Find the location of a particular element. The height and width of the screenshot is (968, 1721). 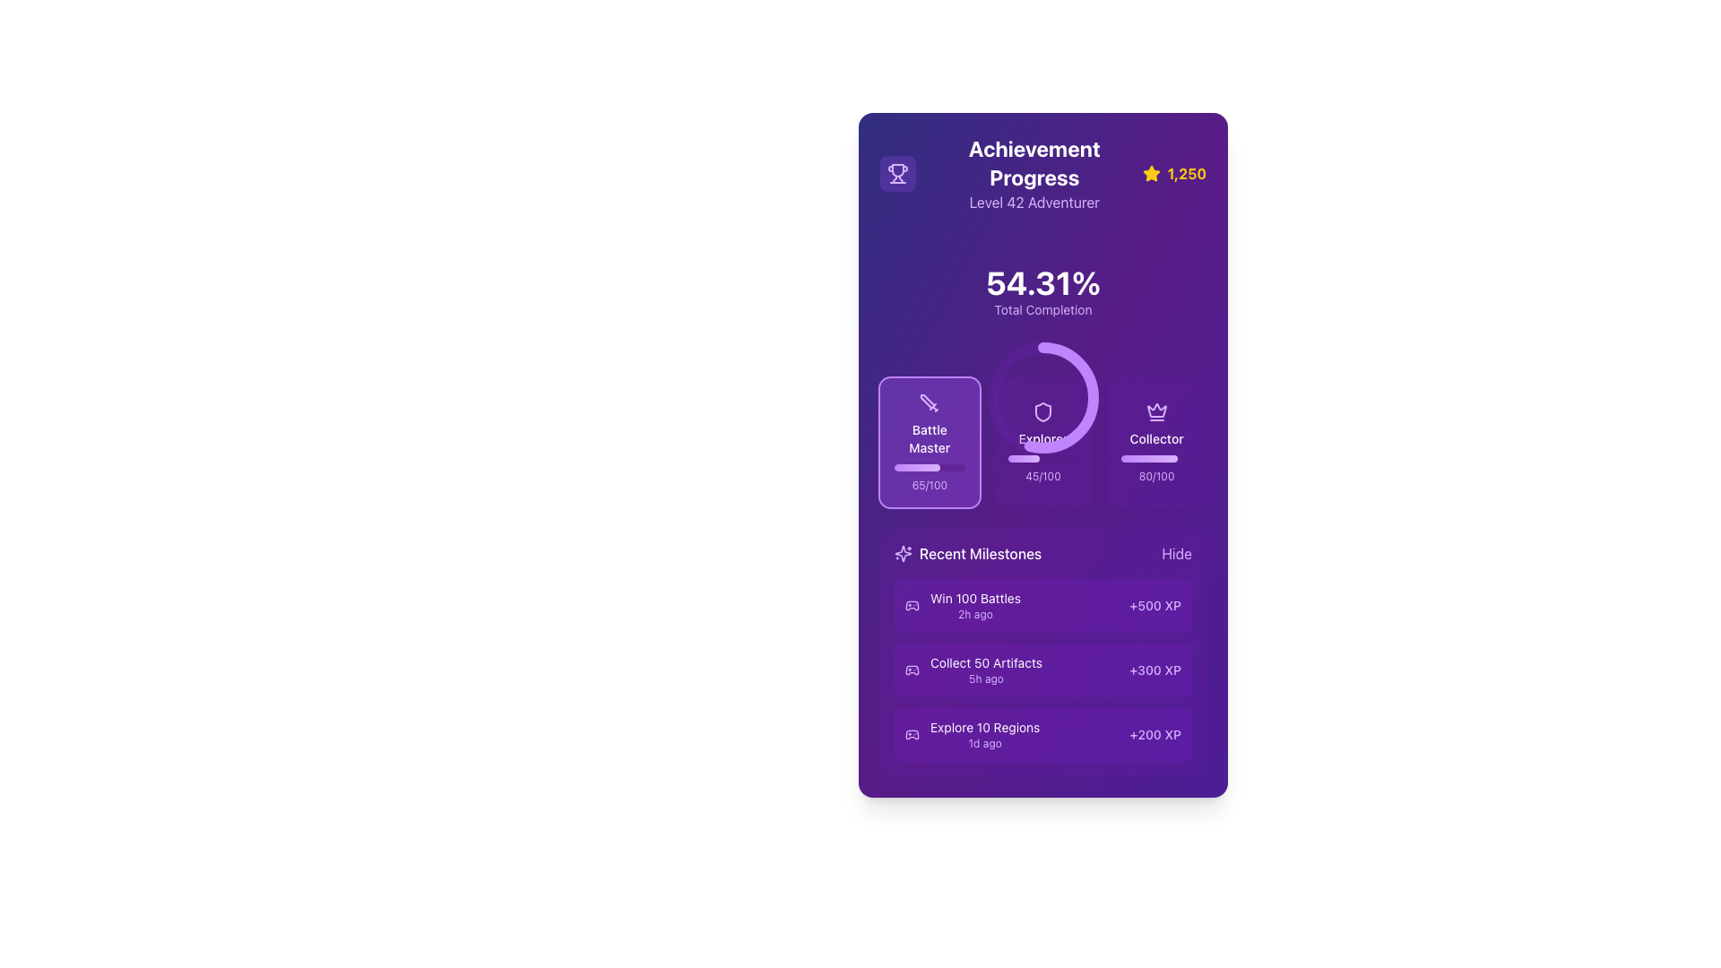

displayed time from the text label showing '1d ago', which is located beneath the 'Explore 10 Regions' text in the 'Recent Milestones' section is located at coordinates (984, 743).